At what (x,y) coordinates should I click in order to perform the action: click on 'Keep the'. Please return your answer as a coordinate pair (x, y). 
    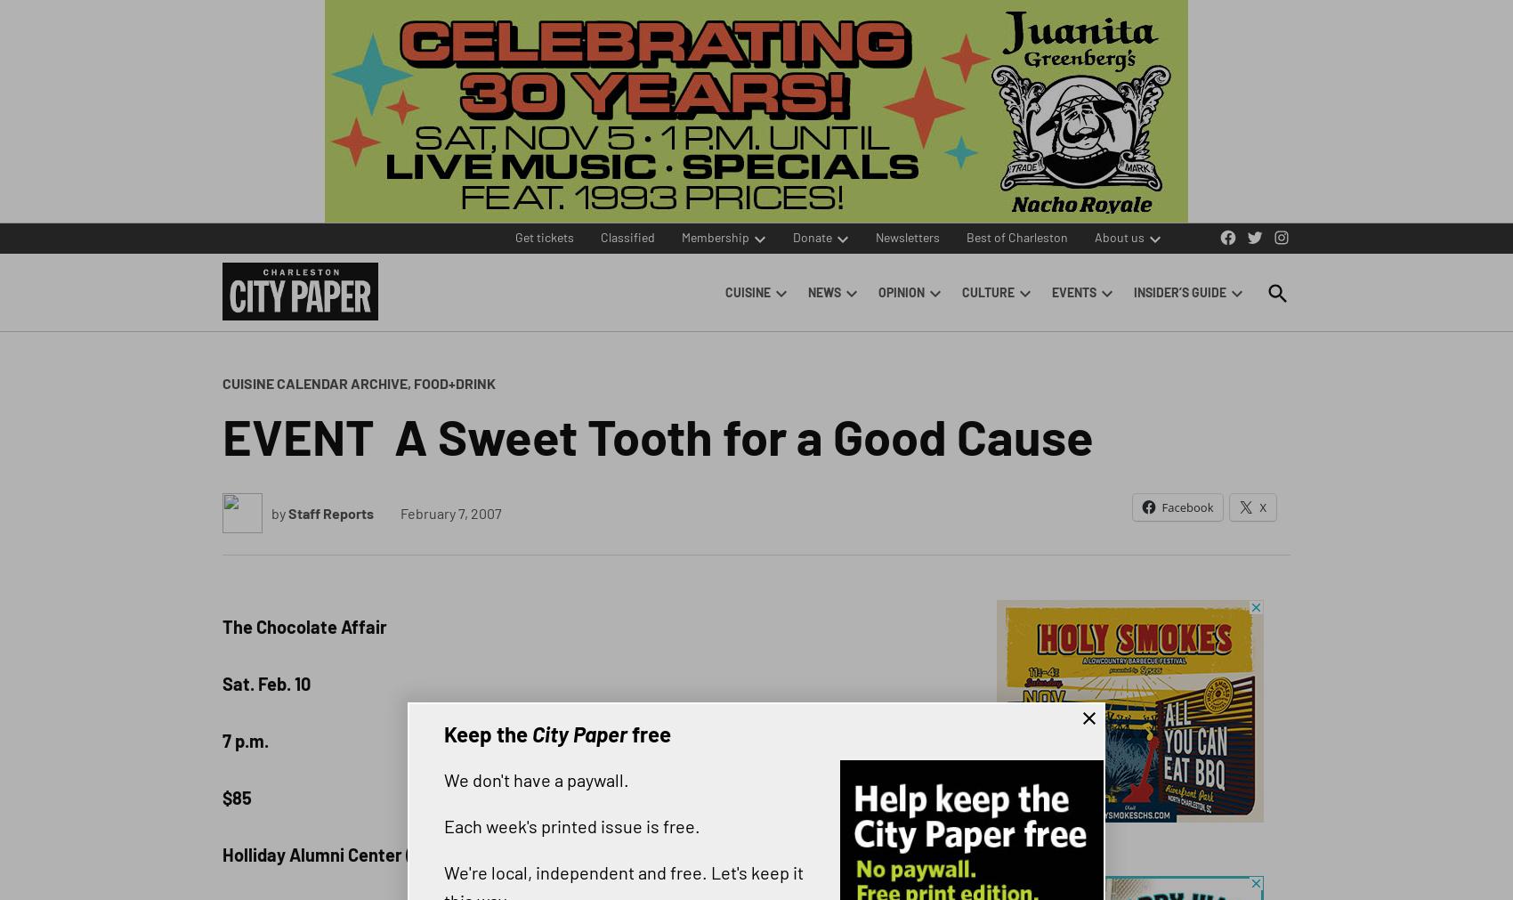
    Looking at the image, I should click on (442, 733).